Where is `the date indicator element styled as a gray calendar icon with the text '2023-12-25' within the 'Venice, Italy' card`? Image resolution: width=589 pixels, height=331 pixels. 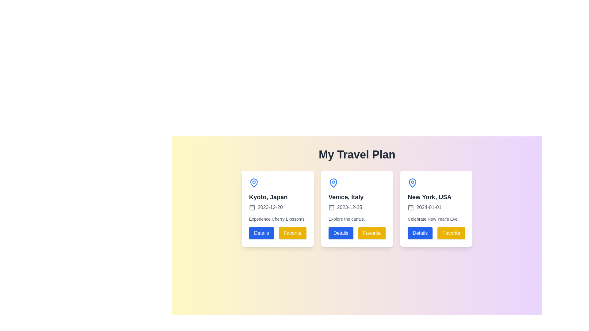
the date indicator element styled as a gray calendar icon with the text '2023-12-25' within the 'Venice, Italy' card is located at coordinates (345, 207).